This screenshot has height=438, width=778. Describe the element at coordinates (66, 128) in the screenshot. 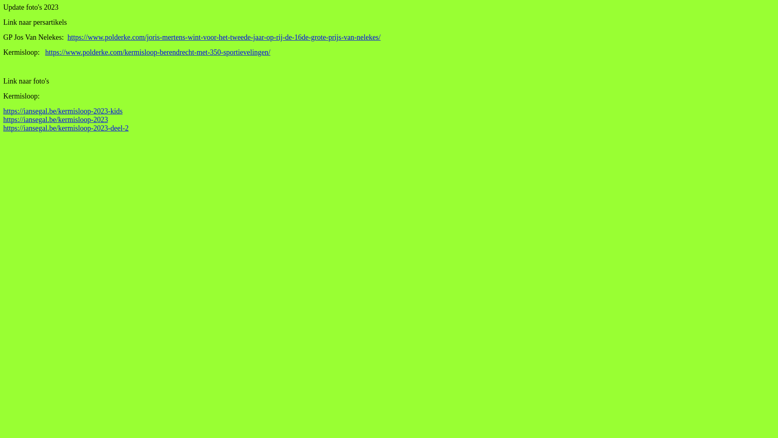

I see `'https://iansegal.be/kermisloop-2023-deel-2'` at that location.